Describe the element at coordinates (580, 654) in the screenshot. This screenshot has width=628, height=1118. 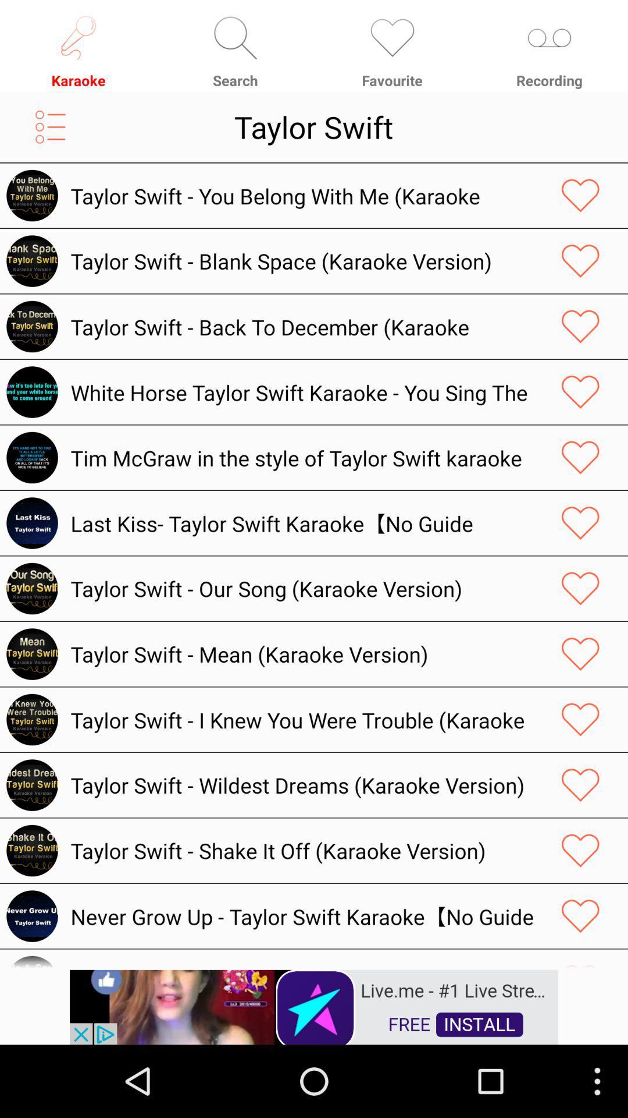
I see `to favorites` at that location.